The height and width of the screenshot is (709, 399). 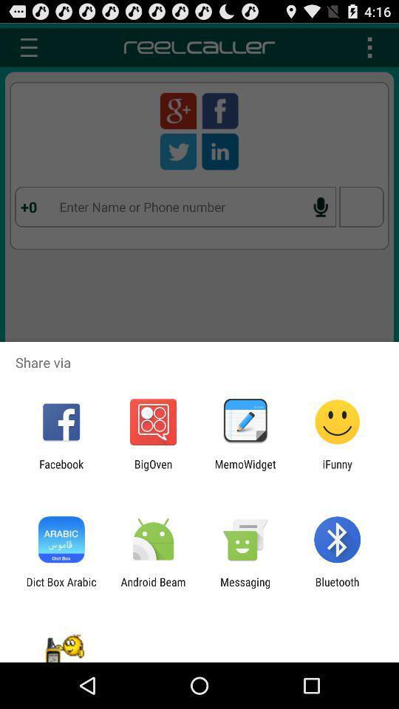 I want to click on the item next to android beam app, so click(x=61, y=588).